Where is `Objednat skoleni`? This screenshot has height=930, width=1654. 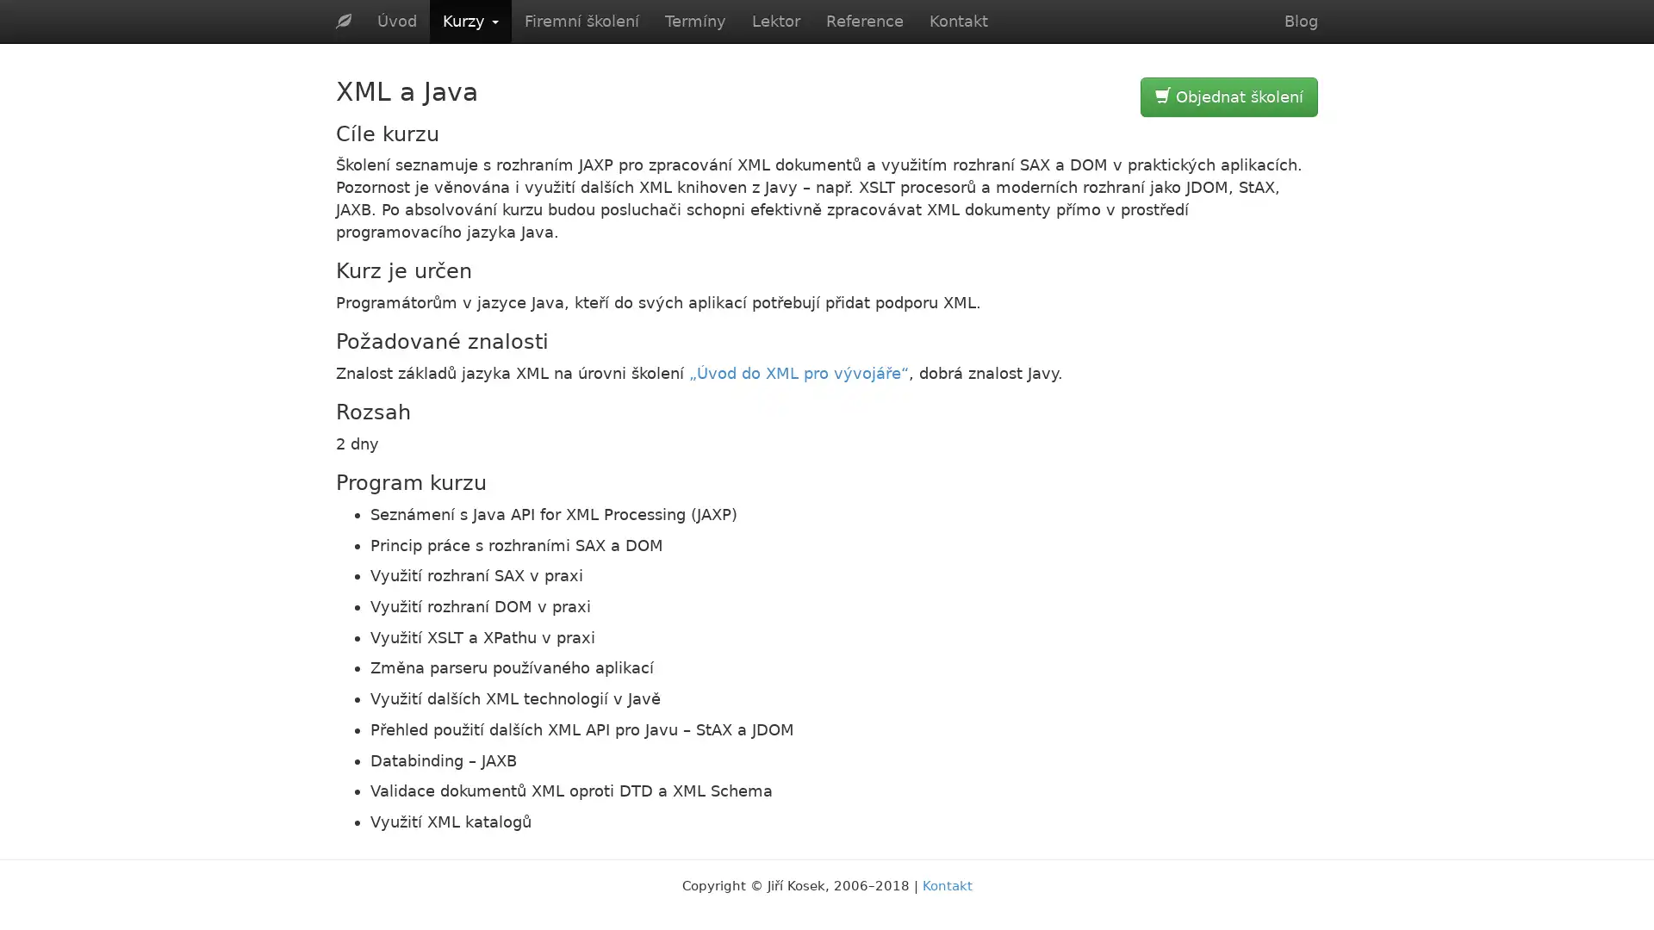
Objednat skoleni is located at coordinates (1228, 96).